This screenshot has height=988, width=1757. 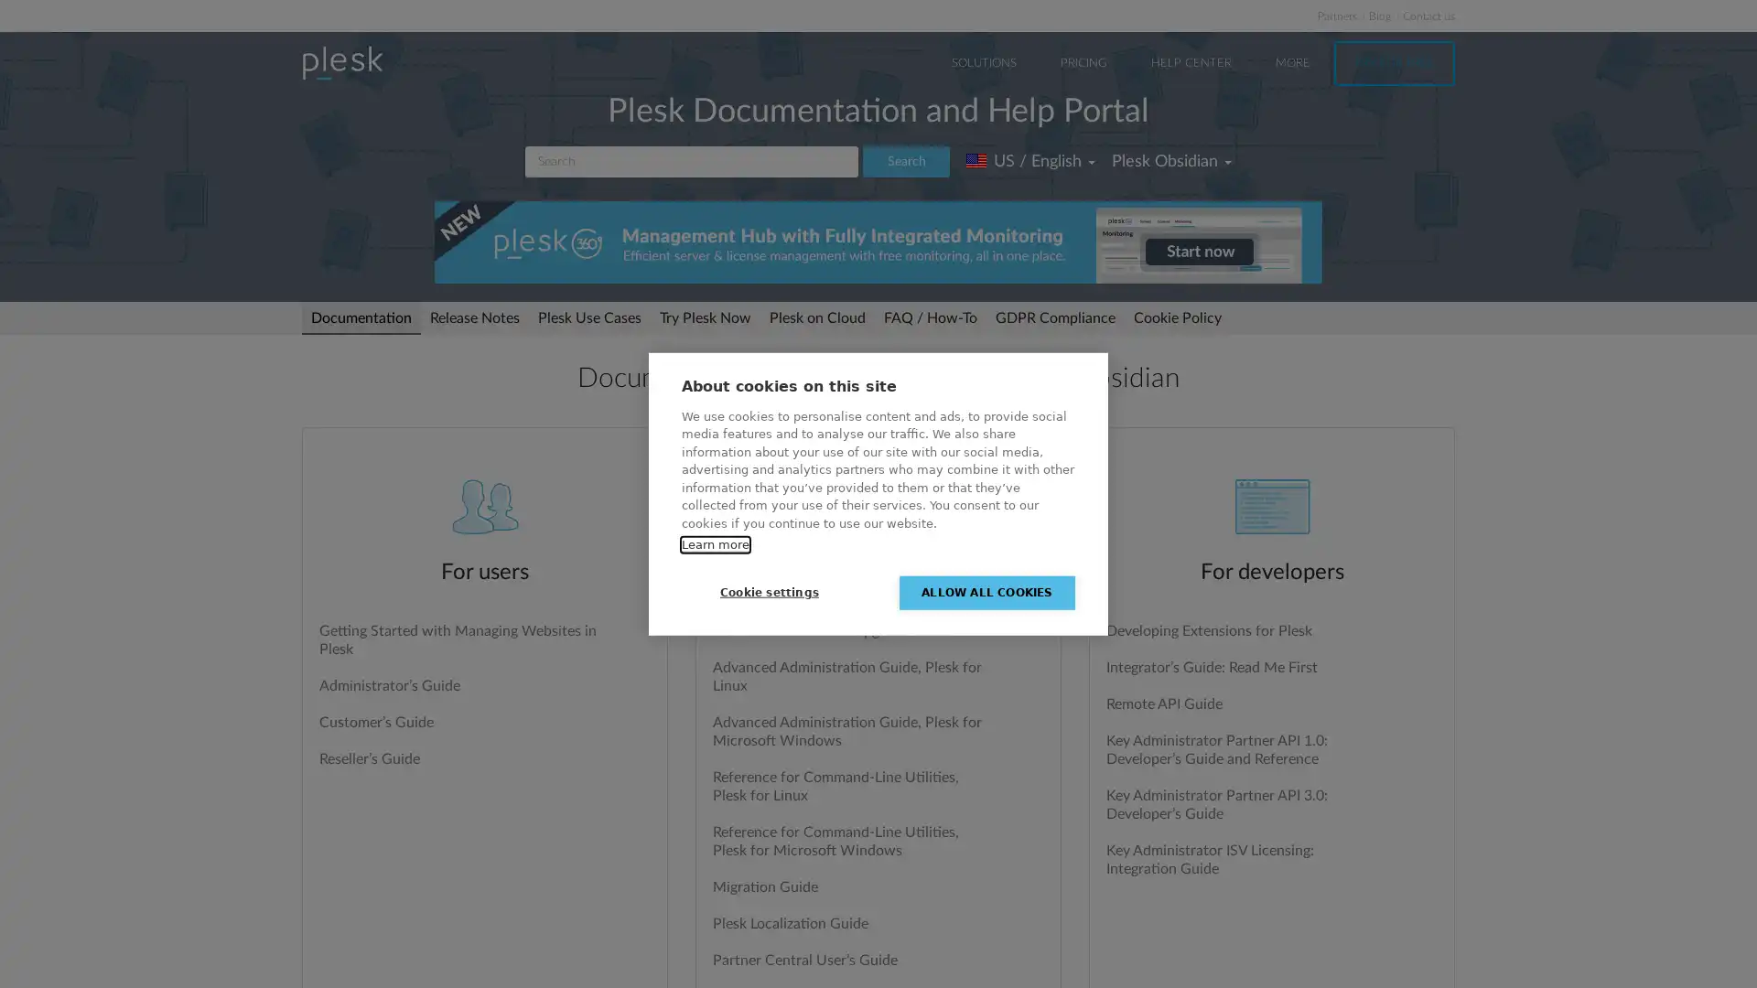 What do you see at coordinates (986, 592) in the screenshot?
I see `ALLOW ALL COOKIES` at bounding box center [986, 592].